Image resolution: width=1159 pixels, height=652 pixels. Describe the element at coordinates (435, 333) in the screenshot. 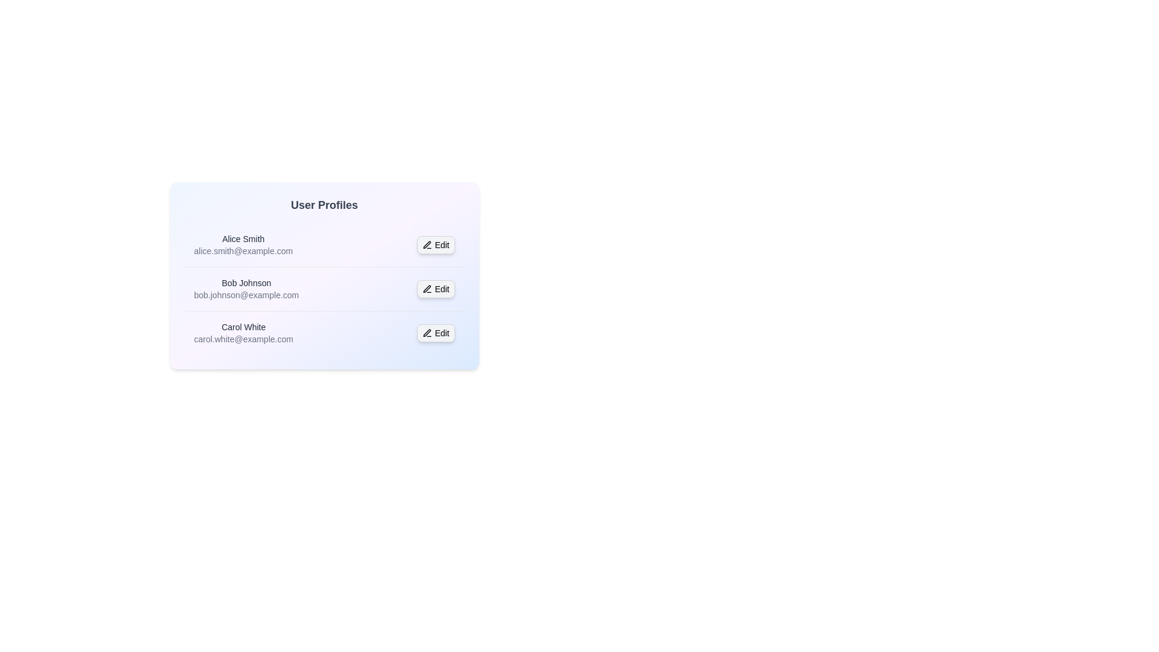

I see `'Edit' button for user Carol White to enable editing their information` at that location.